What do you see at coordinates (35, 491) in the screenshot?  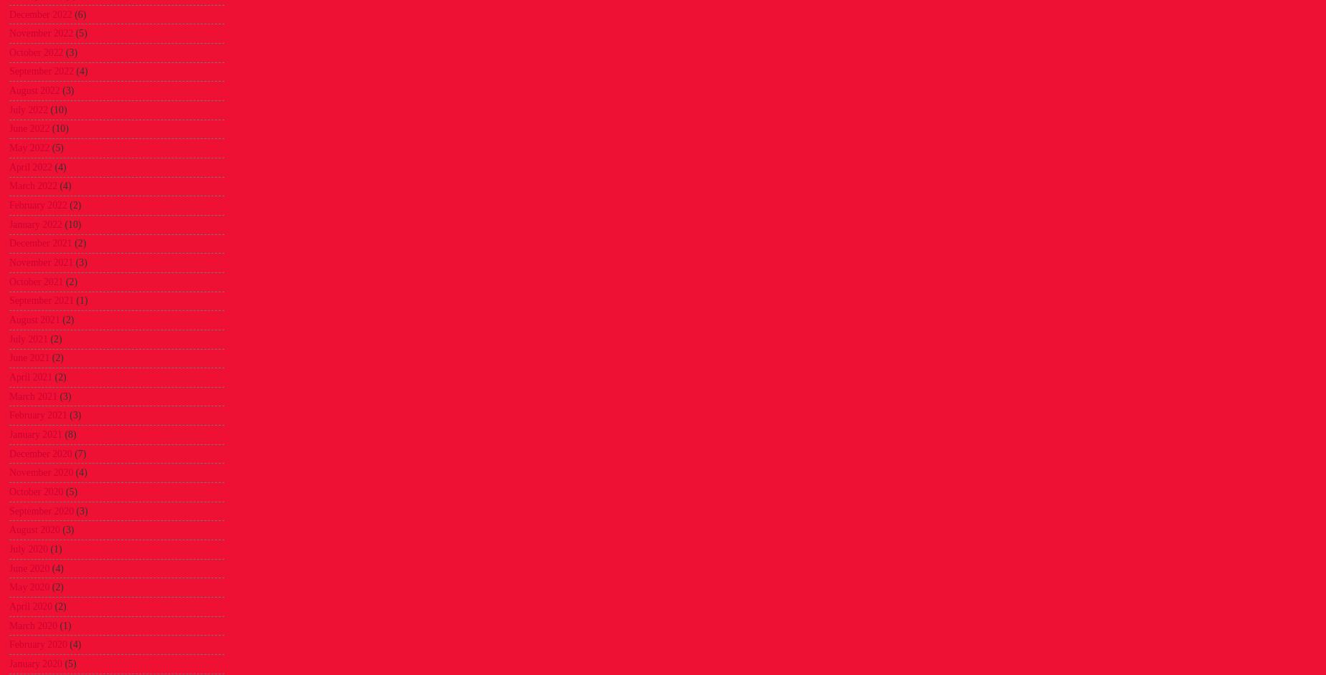 I see `'October 2020'` at bounding box center [35, 491].